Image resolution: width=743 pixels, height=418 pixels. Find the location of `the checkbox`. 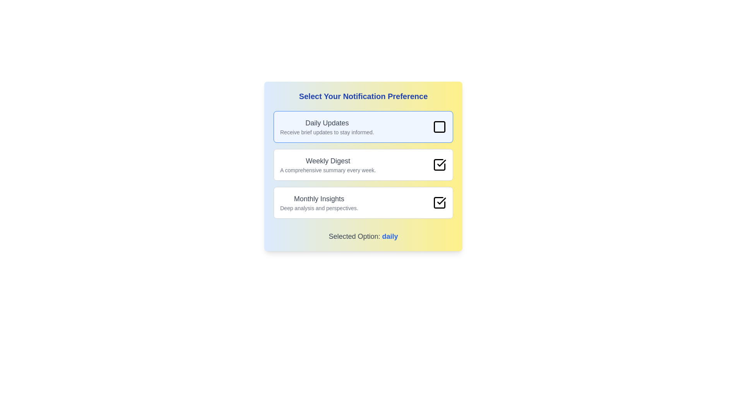

the checkbox is located at coordinates (440, 202).